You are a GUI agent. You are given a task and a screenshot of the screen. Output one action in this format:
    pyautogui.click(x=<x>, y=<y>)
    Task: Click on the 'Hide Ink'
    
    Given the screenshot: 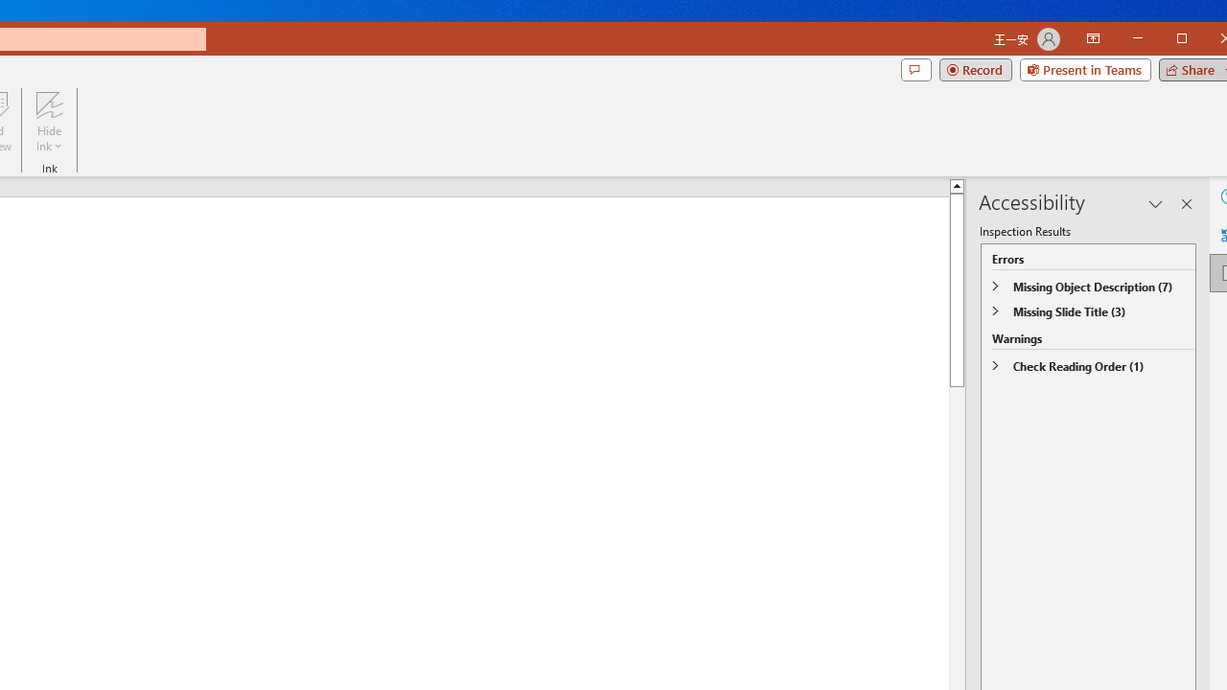 What is the action you would take?
    pyautogui.click(x=49, y=104)
    